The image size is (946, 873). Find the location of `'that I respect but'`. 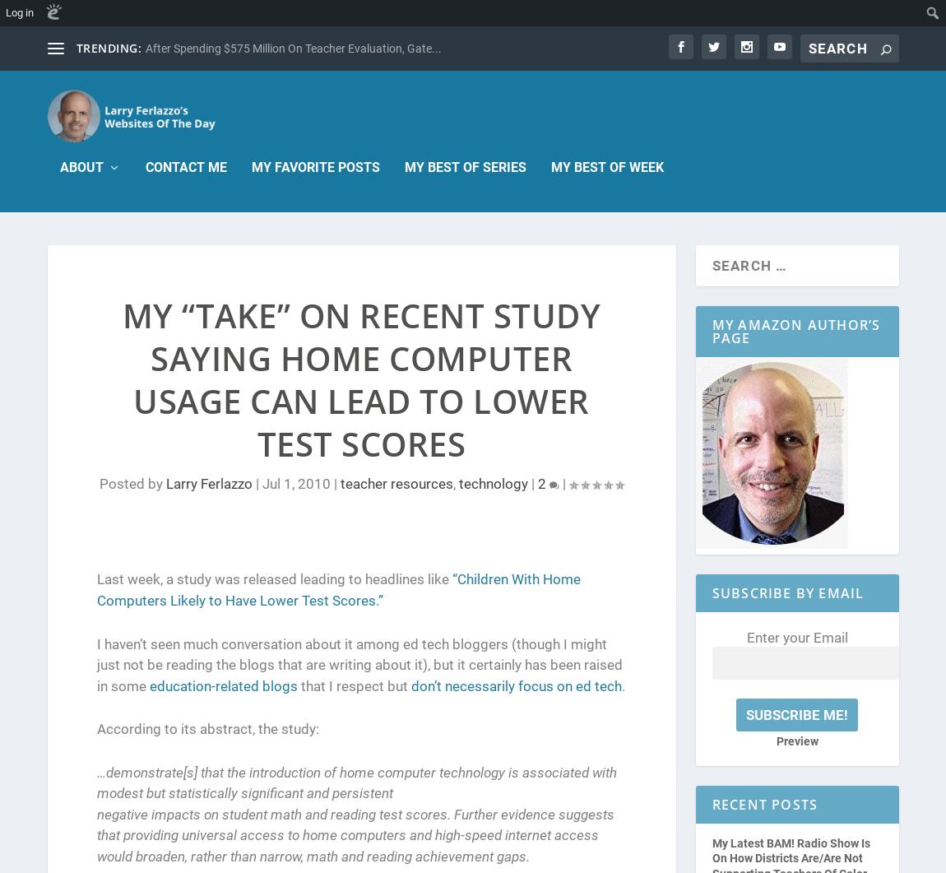

'that I respect but' is located at coordinates (353, 686).